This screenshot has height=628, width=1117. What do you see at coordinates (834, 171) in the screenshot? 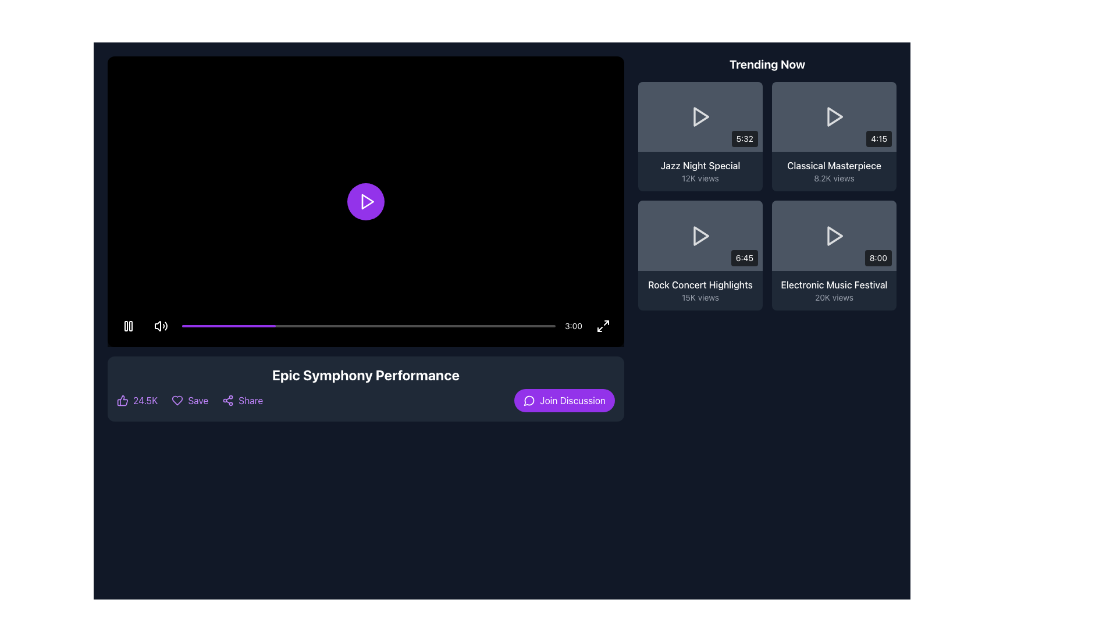
I see `the 'Classical Masterpiece' text element displaying '8.2K views' in the 'Trending Now' section` at bounding box center [834, 171].